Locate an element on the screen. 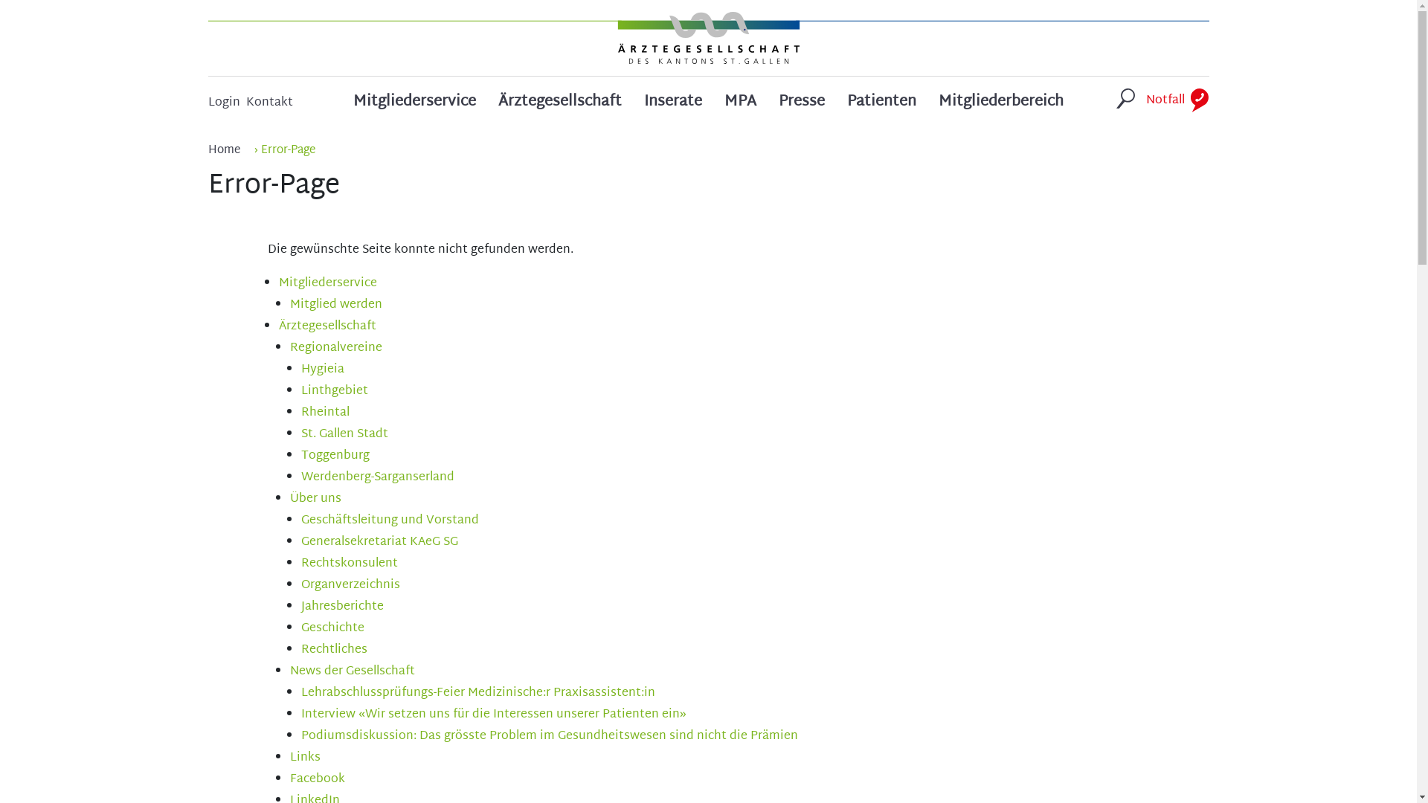  'Organverzeichnis' is located at coordinates (349, 584).